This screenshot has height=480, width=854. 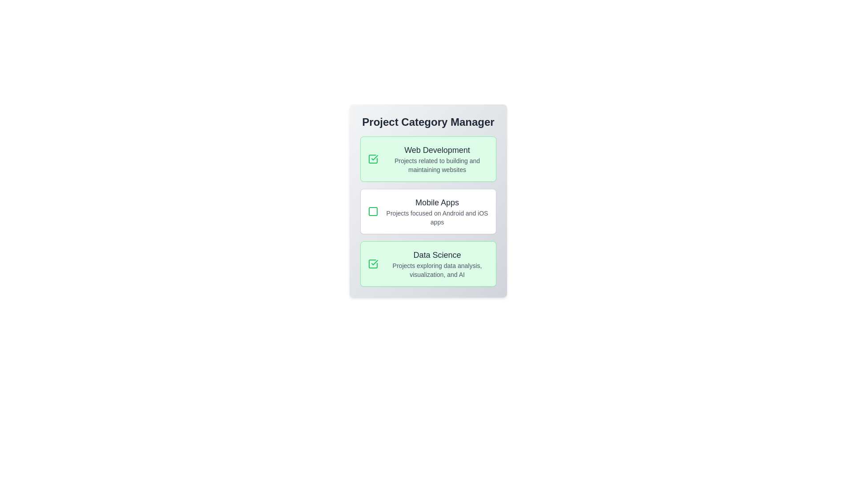 What do you see at coordinates (375, 262) in the screenshot?
I see `the checkmark icon element located in the bottom section of the 'Data Science' box, which is part of an SVG component with a light green background` at bounding box center [375, 262].